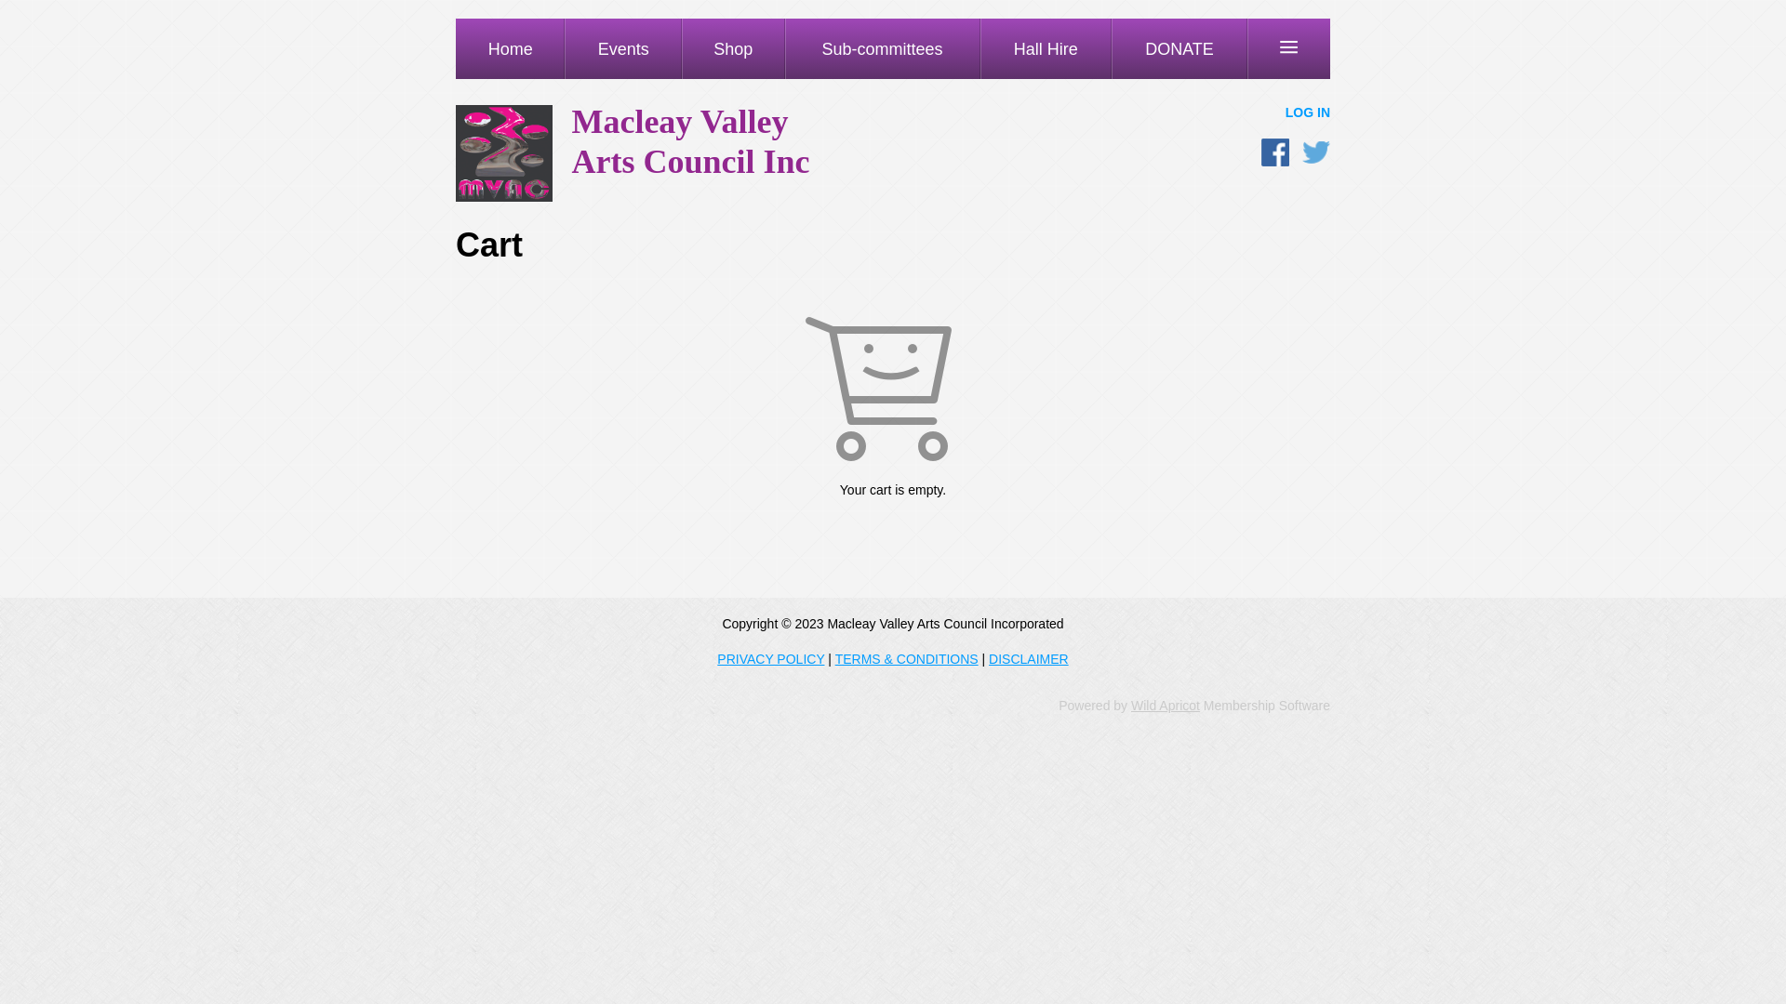  What do you see at coordinates (770, 658) in the screenshot?
I see `'PRIVACY POLICY'` at bounding box center [770, 658].